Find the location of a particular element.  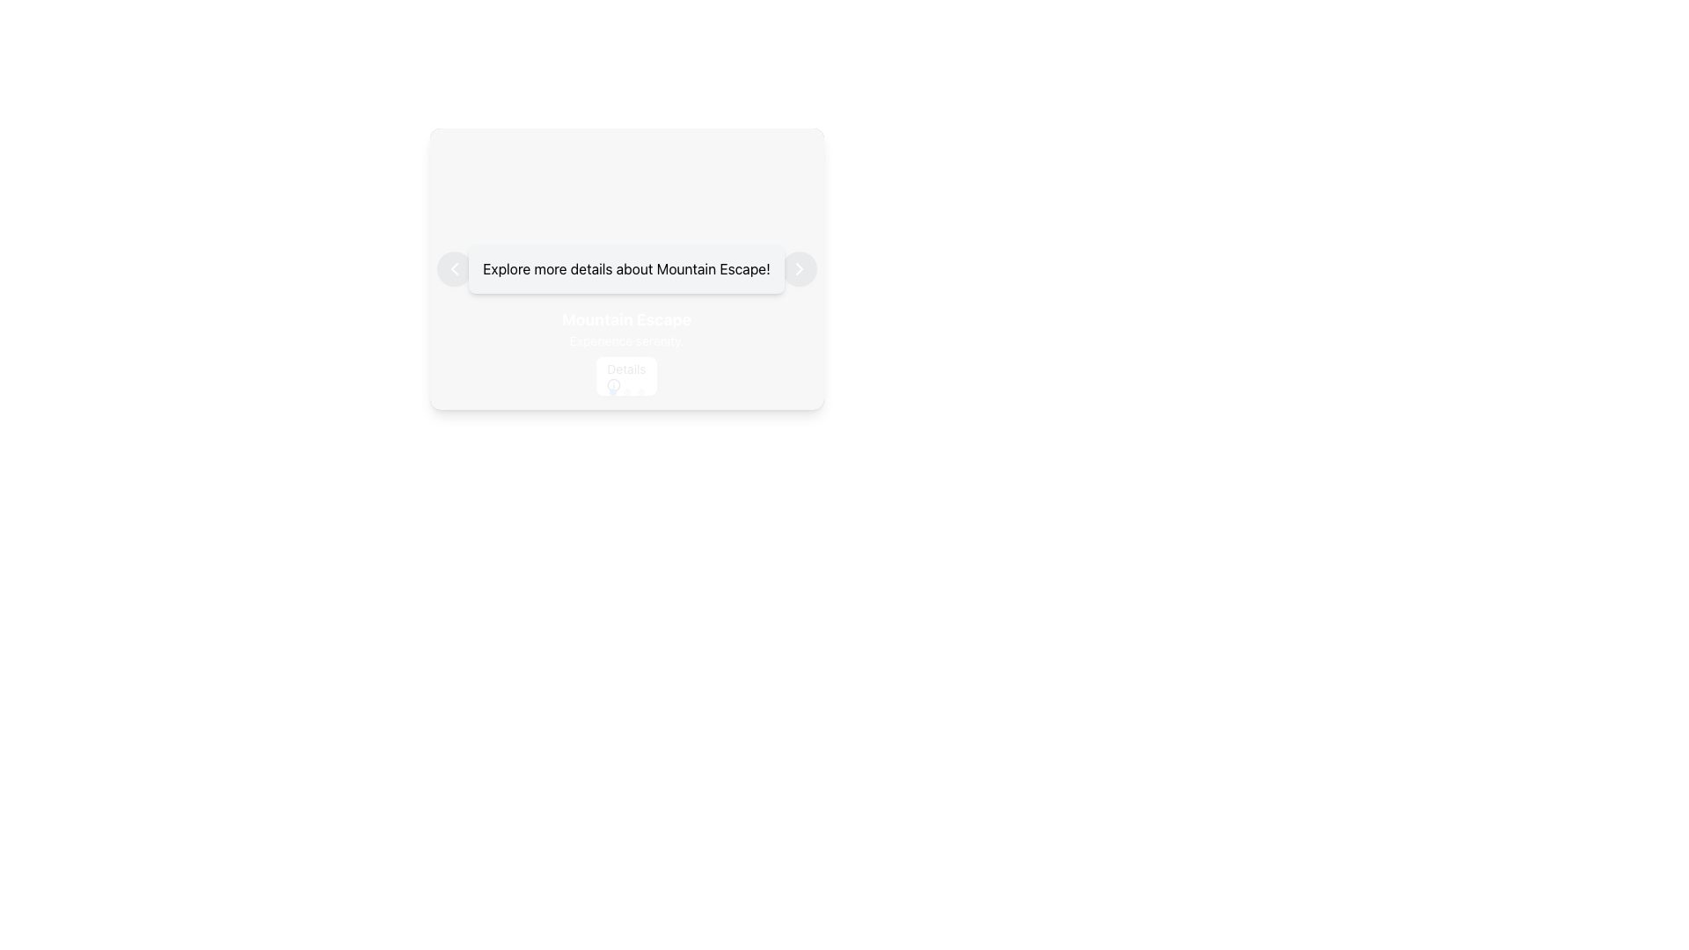

the circular SVG element representing an 'info' icon for accessibility purposes is located at coordinates (614, 384).